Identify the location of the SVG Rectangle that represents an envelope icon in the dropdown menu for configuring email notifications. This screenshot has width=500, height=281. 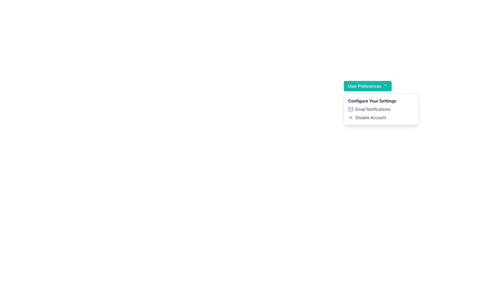
(351, 109).